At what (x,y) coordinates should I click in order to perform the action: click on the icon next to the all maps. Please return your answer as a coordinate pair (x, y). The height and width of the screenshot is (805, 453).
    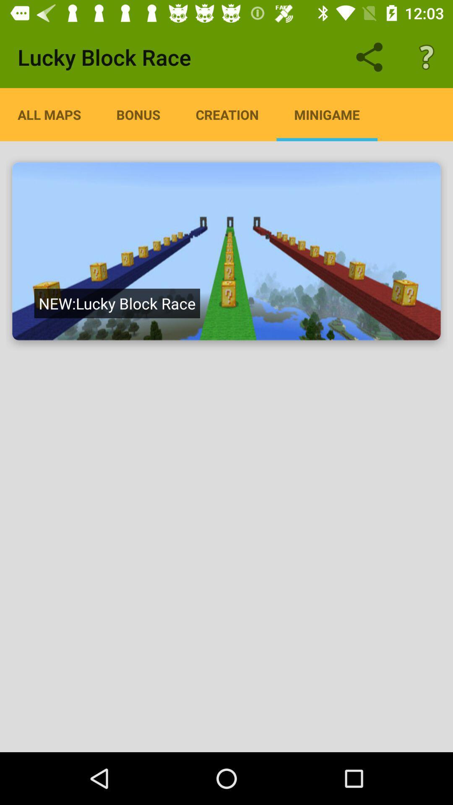
    Looking at the image, I should click on (138, 114).